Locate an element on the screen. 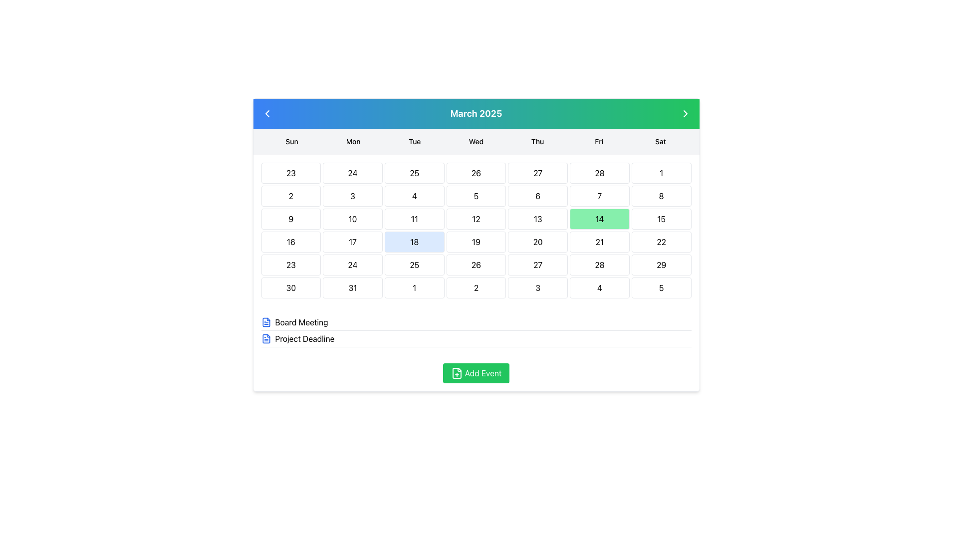 Image resolution: width=958 pixels, height=539 pixels. the Calendar Date Button displaying the number '10' is located at coordinates (353, 219).